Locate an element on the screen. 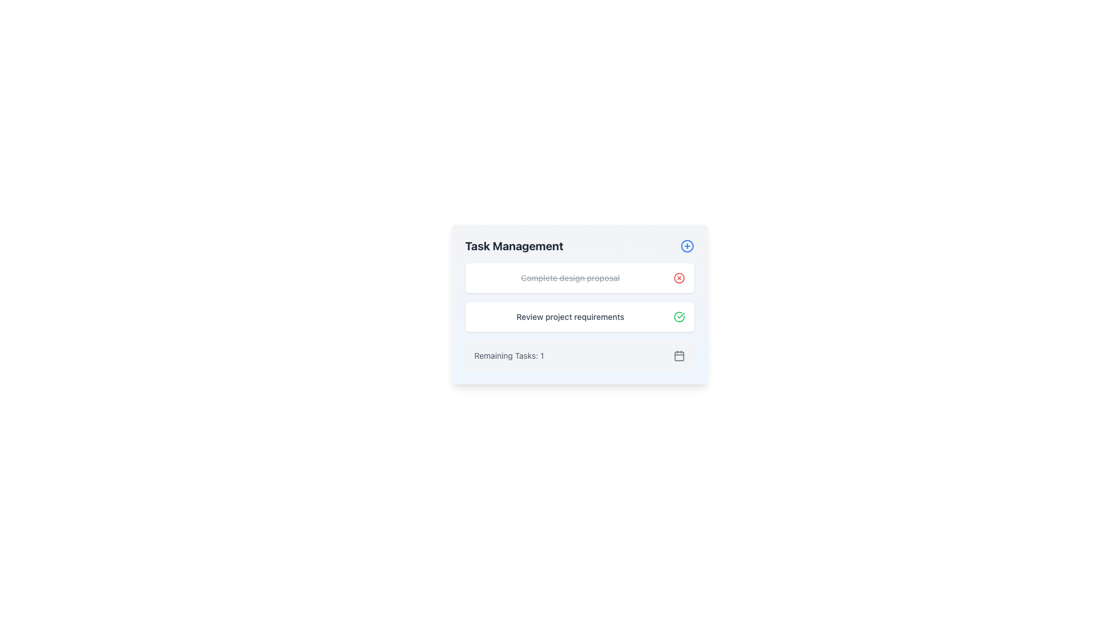 Image resolution: width=1098 pixels, height=617 pixels. the delete button associated with the task 'Complete design proposal' is located at coordinates (679, 278).